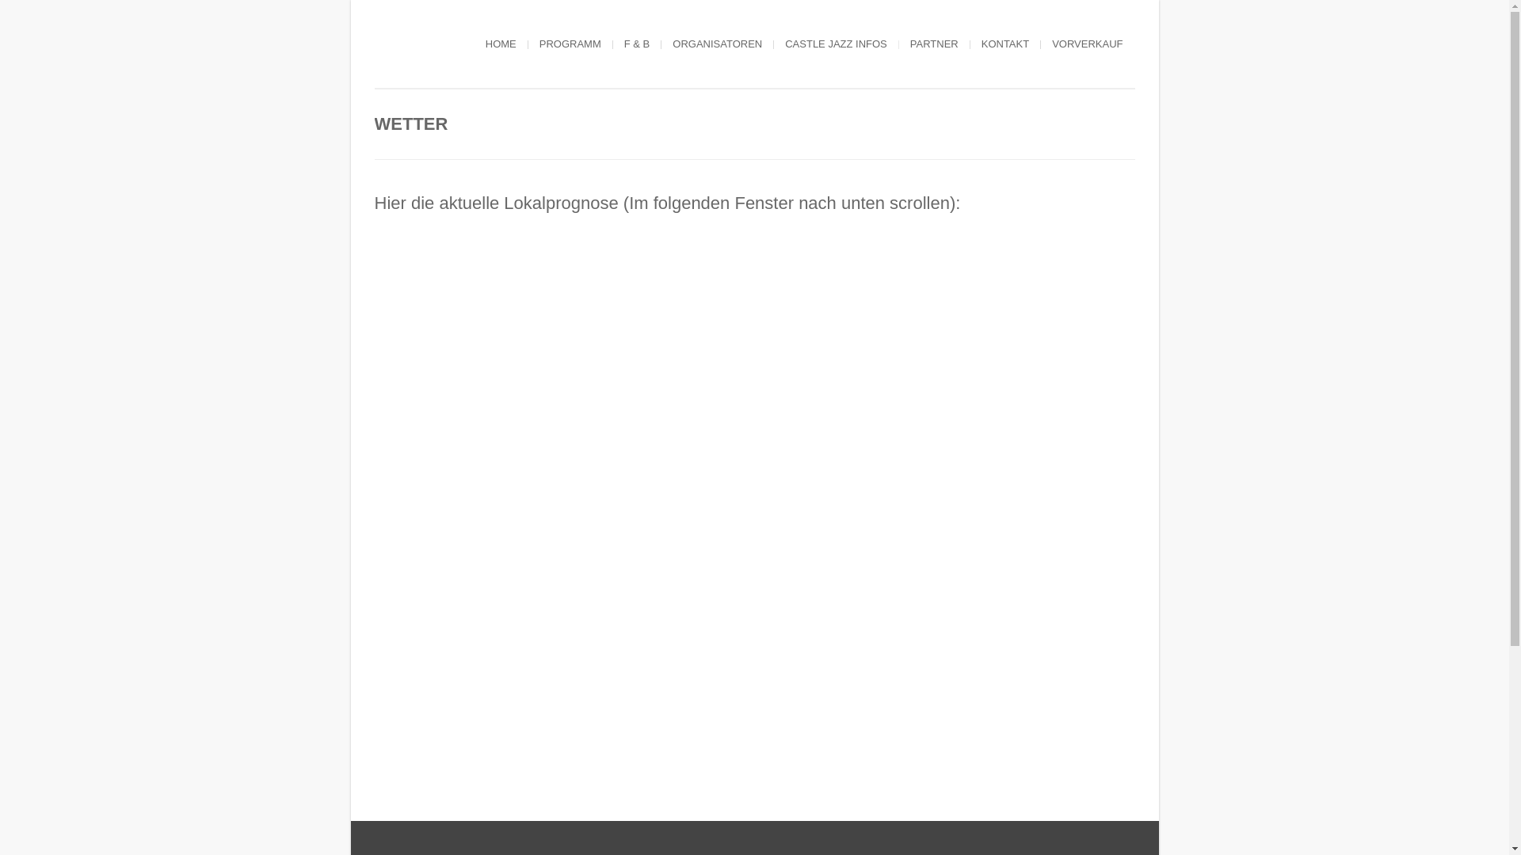  What do you see at coordinates (934, 43) in the screenshot?
I see `'PARTNER'` at bounding box center [934, 43].